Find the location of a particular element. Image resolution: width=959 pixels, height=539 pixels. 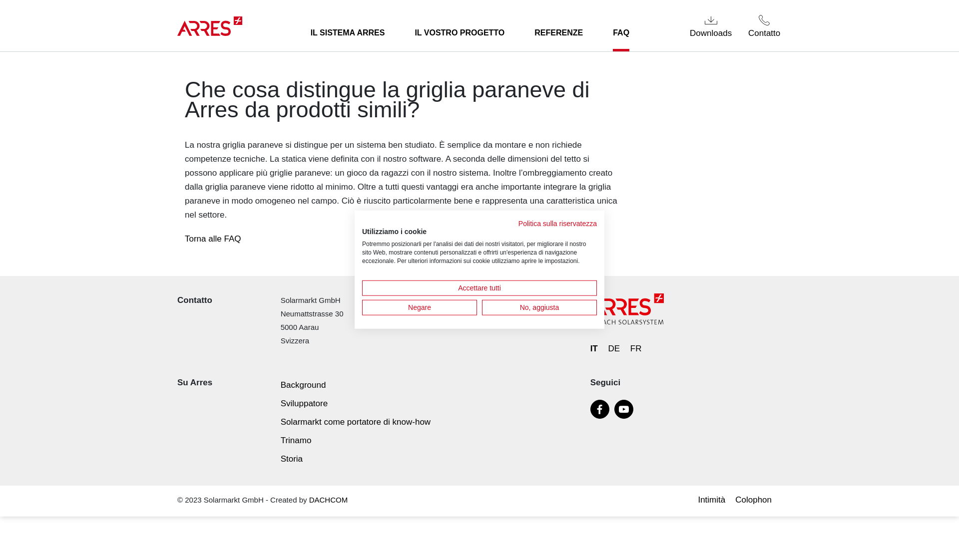

'Downloads' is located at coordinates (710, 25).